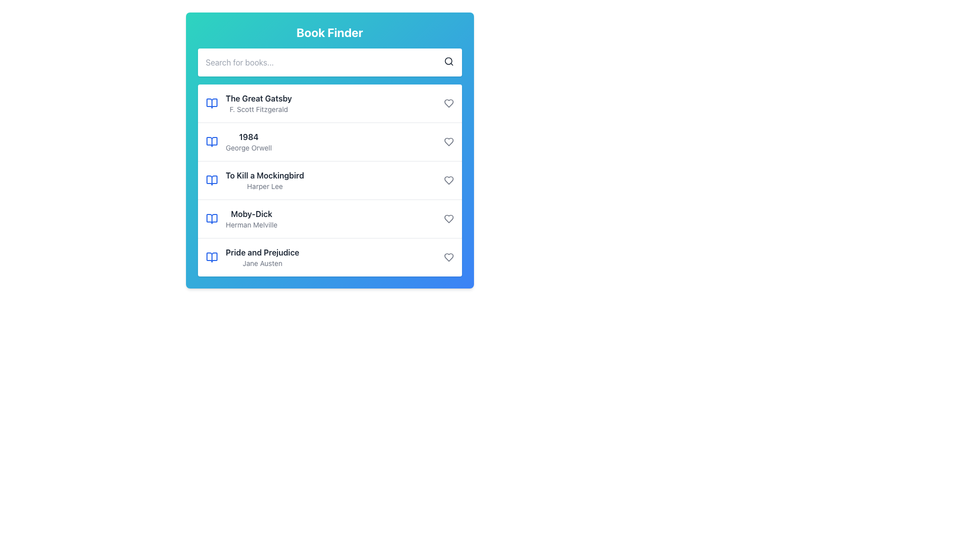  What do you see at coordinates (211, 257) in the screenshot?
I see `the blue book icon styled as an outline, positioned to the left of the text 'Pride and Prejudice' by Jane Austen` at bounding box center [211, 257].